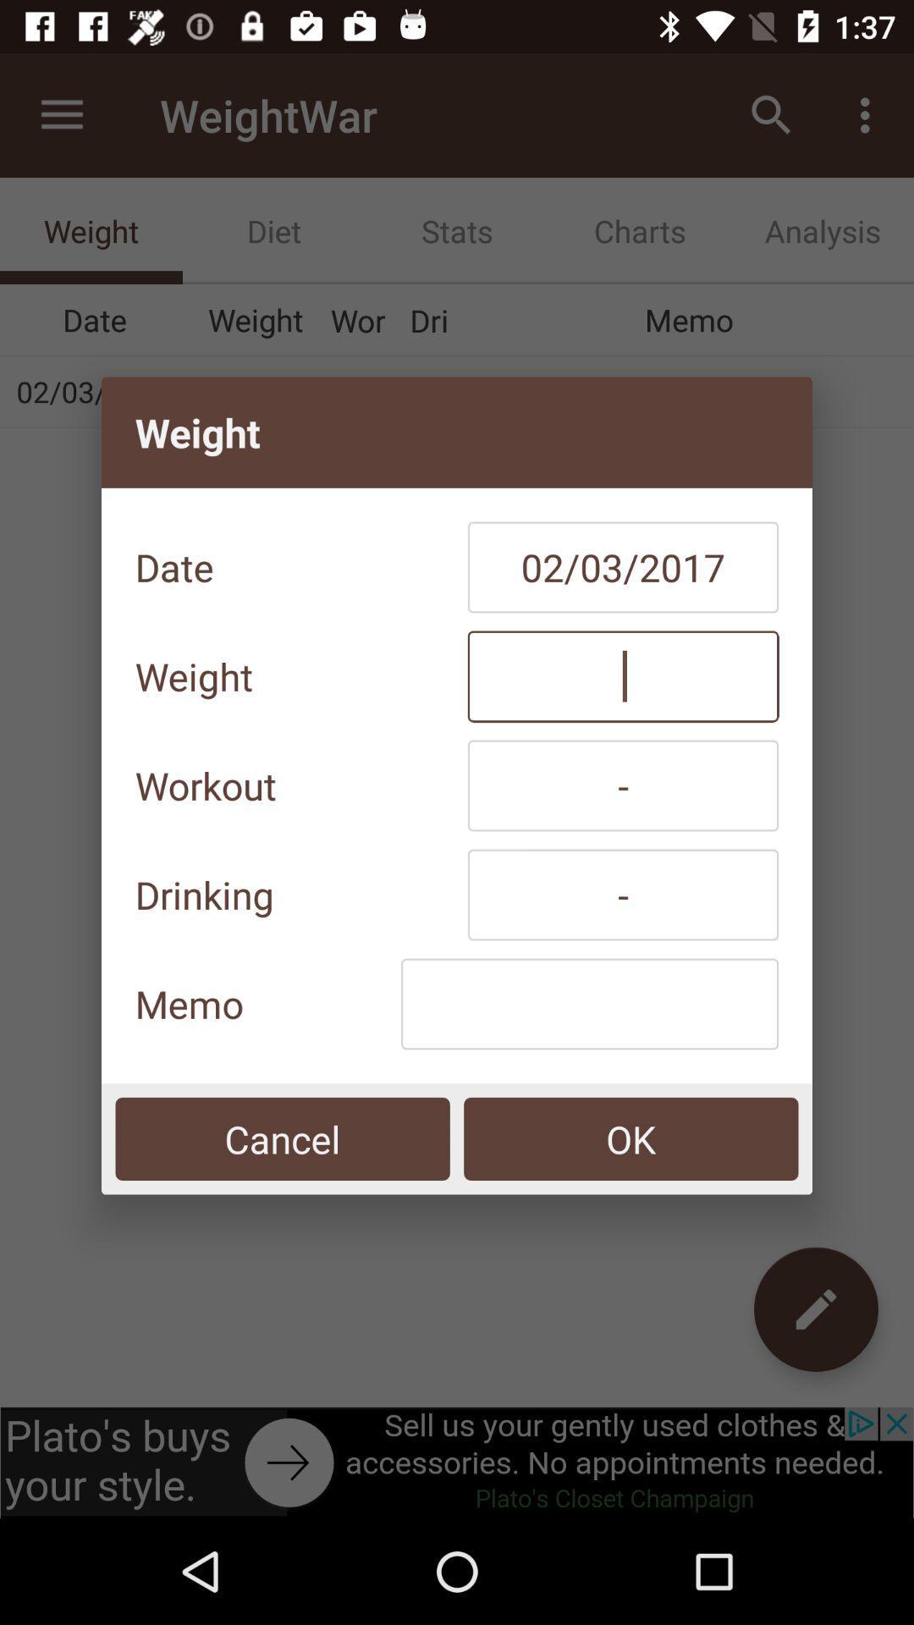 The height and width of the screenshot is (1625, 914). I want to click on the icon next to workout icon, so click(623, 785).